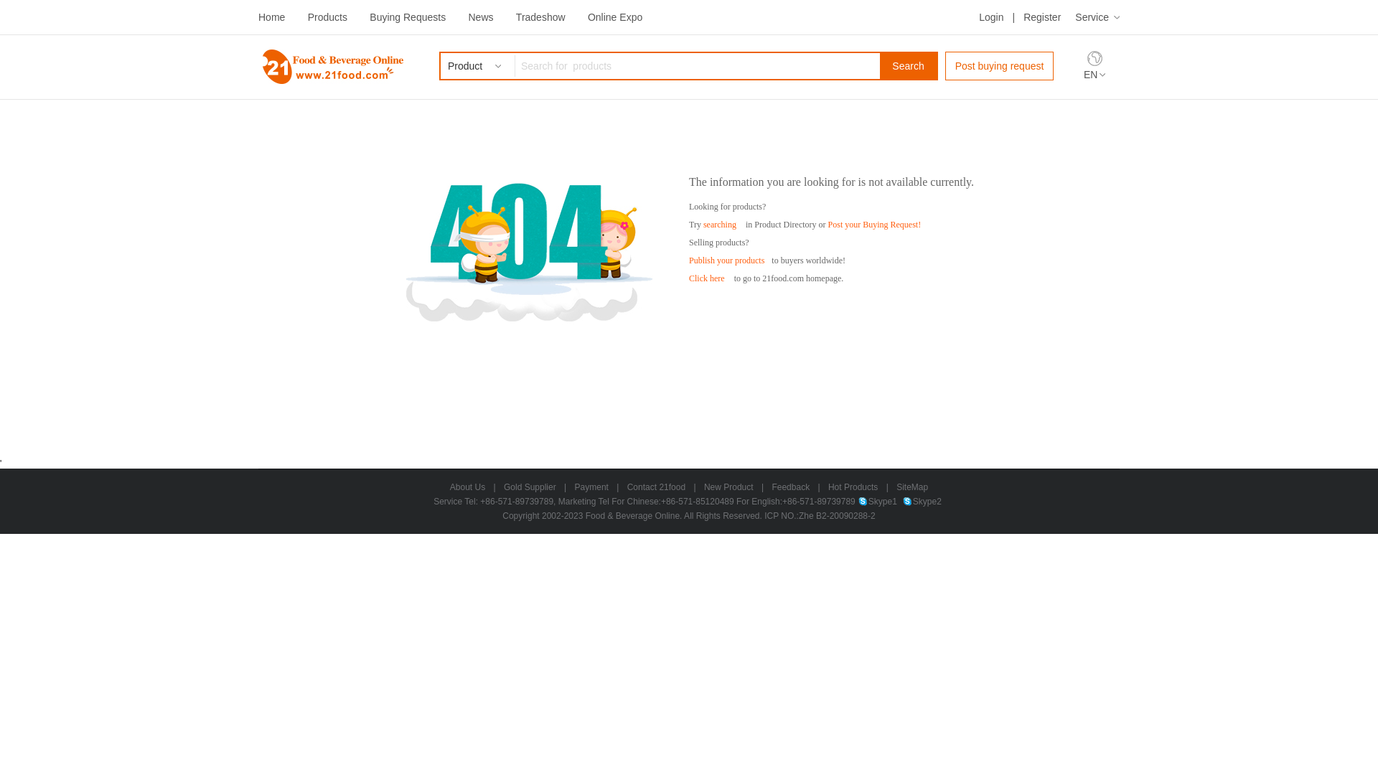 Image resolution: width=1378 pixels, height=775 pixels. I want to click on 'Publish your products', so click(726, 260).